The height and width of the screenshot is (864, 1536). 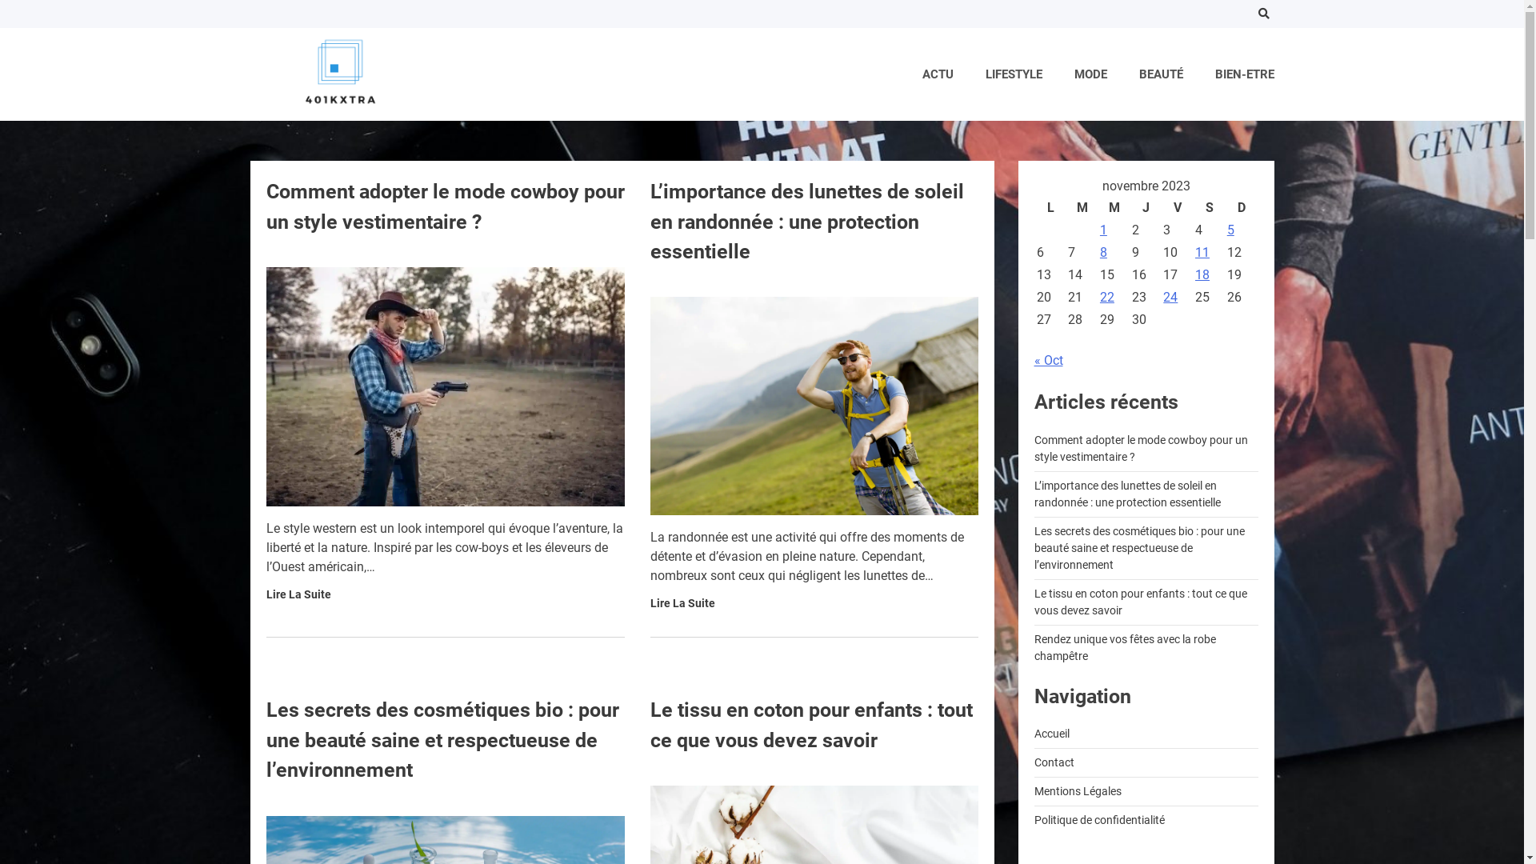 What do you see at coordinates (1231, 53) in the screenshot?
I see `'Rechercher'` at bounding box center [1231, 53].